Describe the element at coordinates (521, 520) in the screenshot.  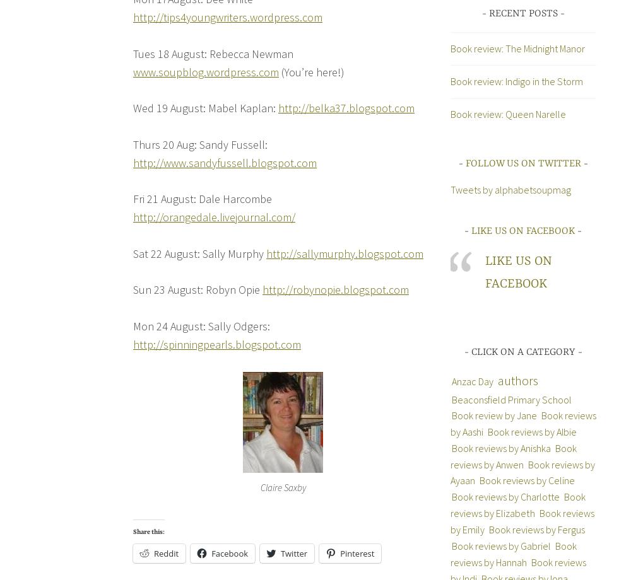
I see `'Book reviews by Emily'` at that location.